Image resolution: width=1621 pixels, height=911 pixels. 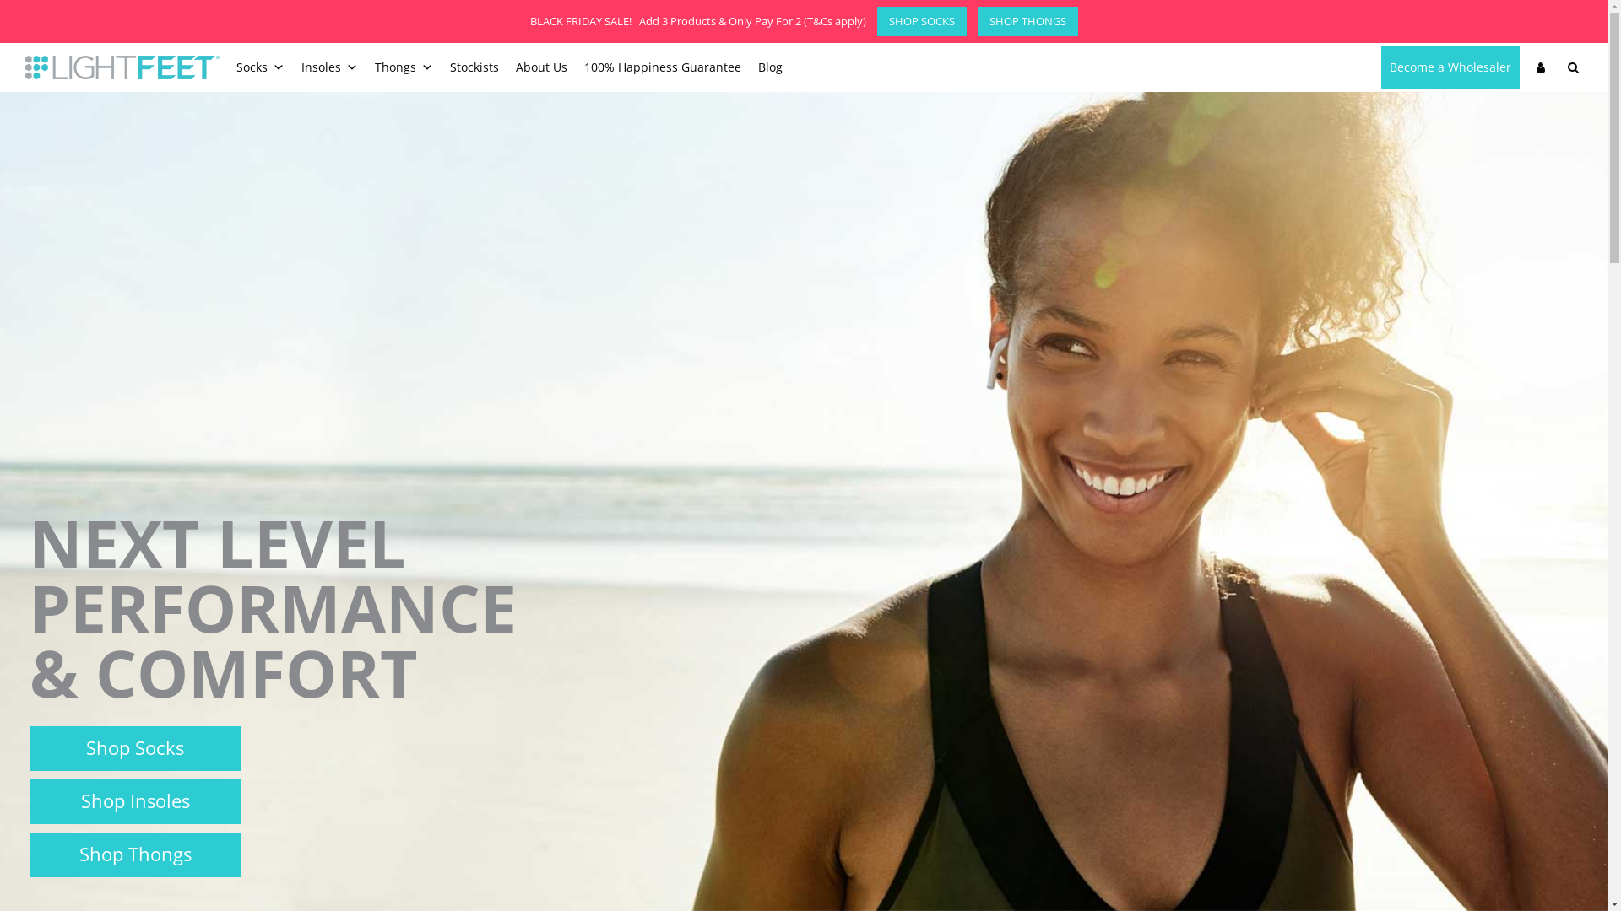 What do you see at coordinates (662, 67) in the screenshot?
I see `'100% Happiness Guarantee'` at bounding box center [662, 67].